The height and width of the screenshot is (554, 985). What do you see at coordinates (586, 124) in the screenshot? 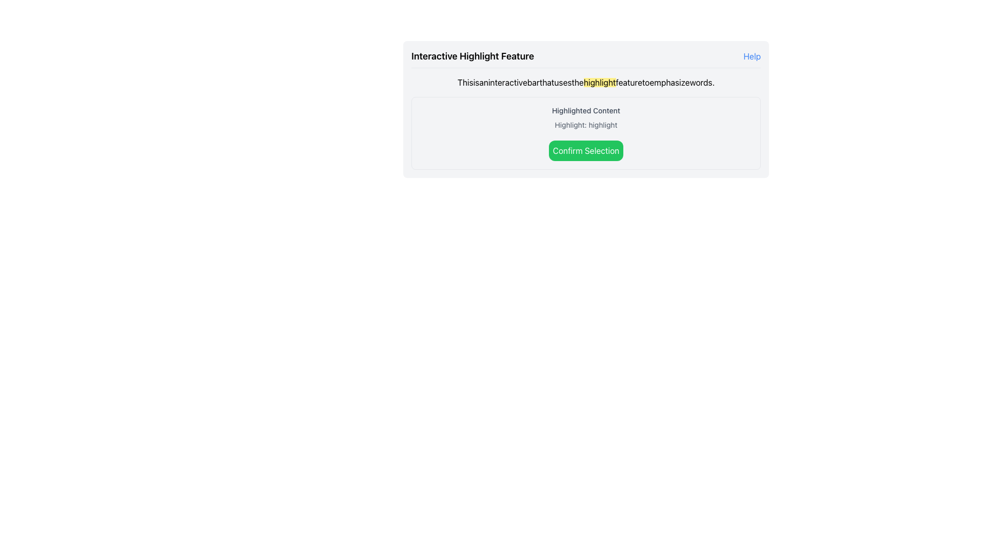
I see `the text label displaying 'Highlight: highlight', which is styled with a smaller font size and gray color, located beneath the 'Highlighted Content' title` at bounding box center [586, 124].